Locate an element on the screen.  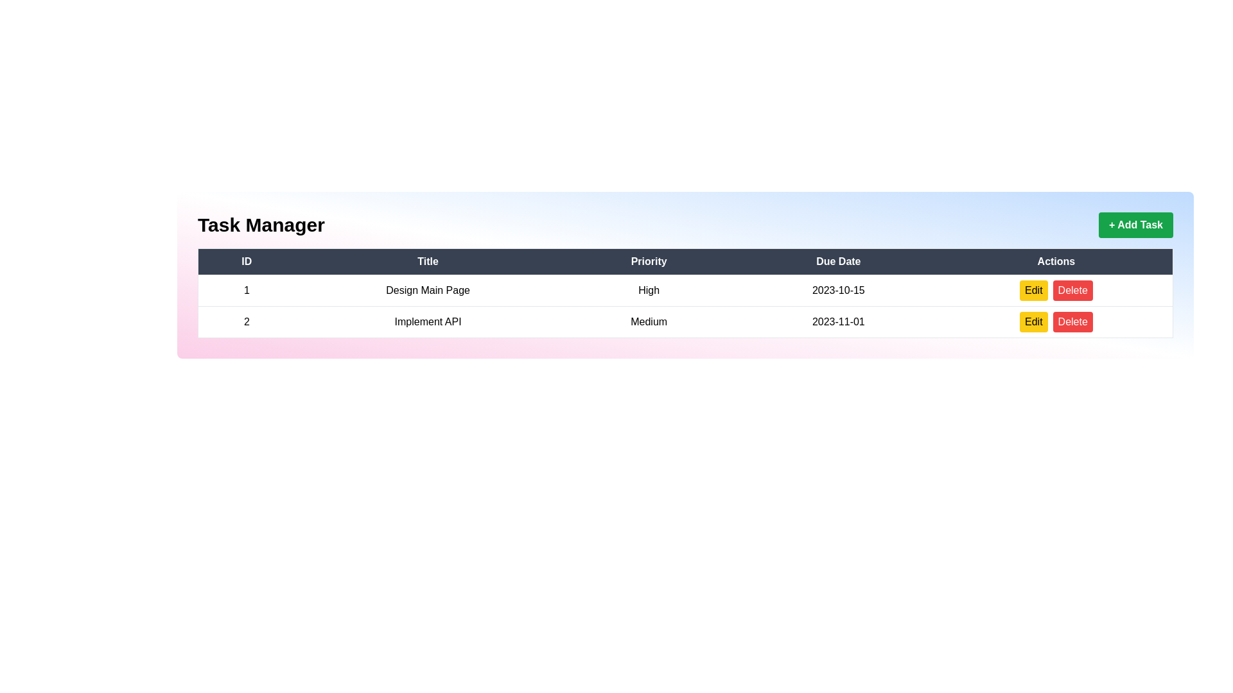
the 'High' priority text label in the 'Priority' column of the task 'Design Main Page' is located at coordinates (649, 290).